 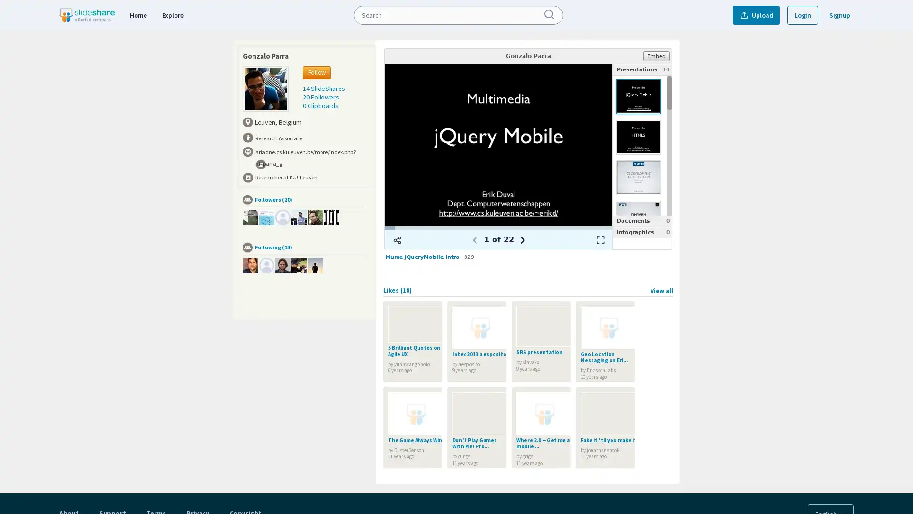 I want to click on Submit Search, so click(x=548, y=14).